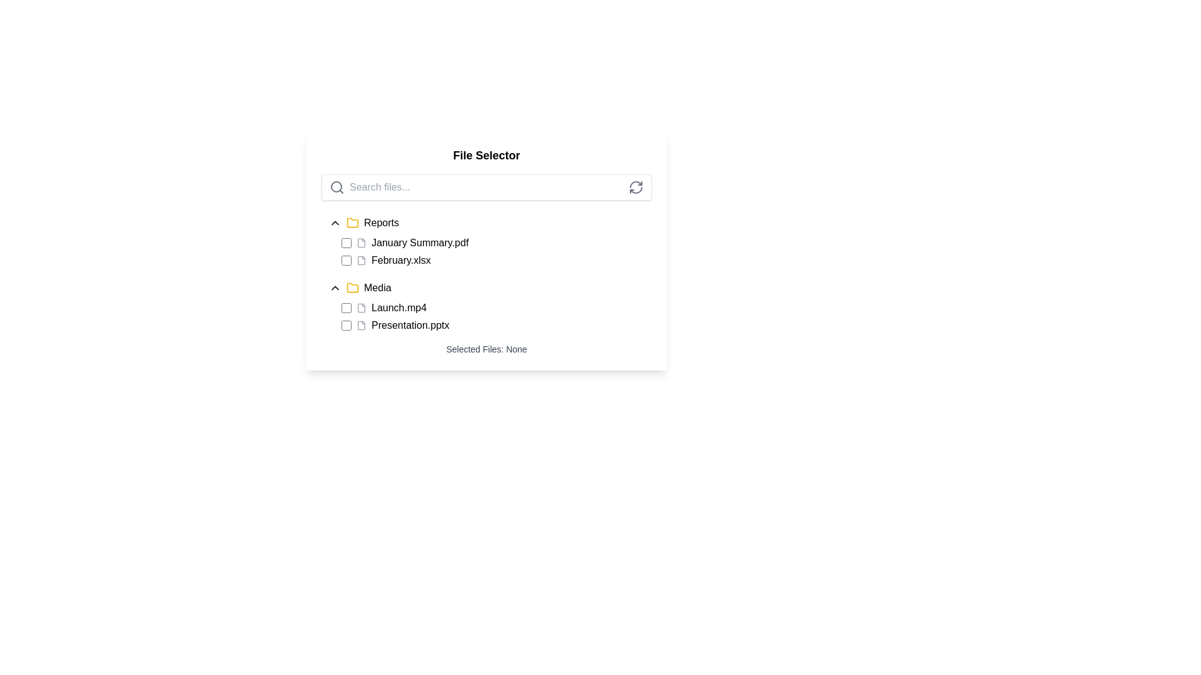 Image resolution: width=1201 pixels, height=675 pixels. Describe the element at coordinates (360, 259) in the screenshot. I see `the file icon representing 'February.xlsx', which is the second icon in the 'Reports' section, located to the left of the text` at that location.